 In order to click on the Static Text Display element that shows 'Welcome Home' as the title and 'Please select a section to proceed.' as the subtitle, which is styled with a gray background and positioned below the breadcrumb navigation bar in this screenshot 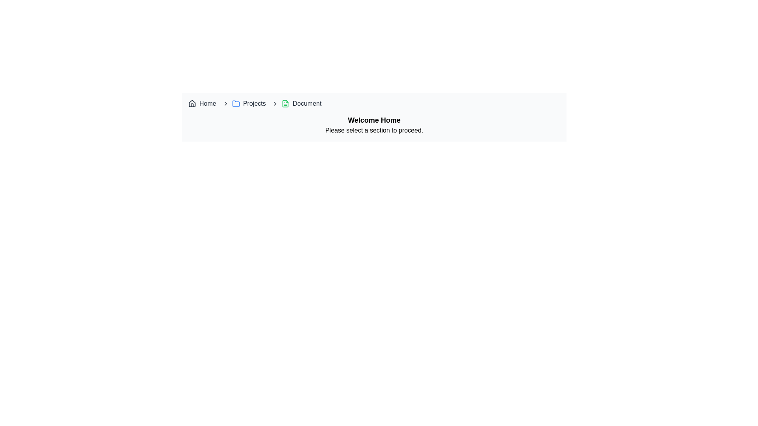, I will do `click(374, 124)`.